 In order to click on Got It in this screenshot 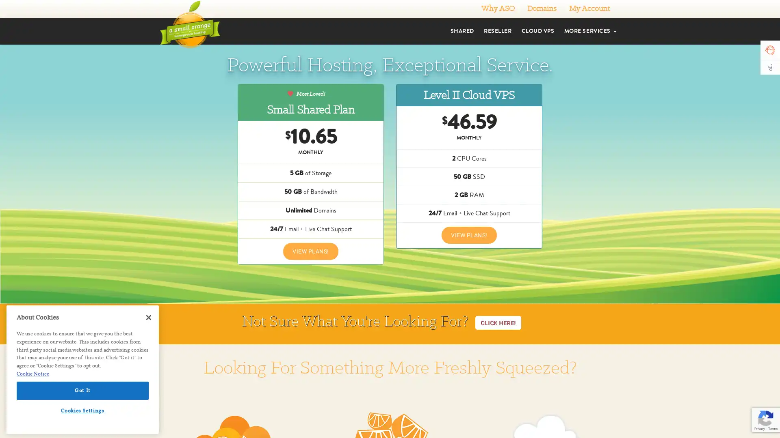, I will do `click(82, 390)`.